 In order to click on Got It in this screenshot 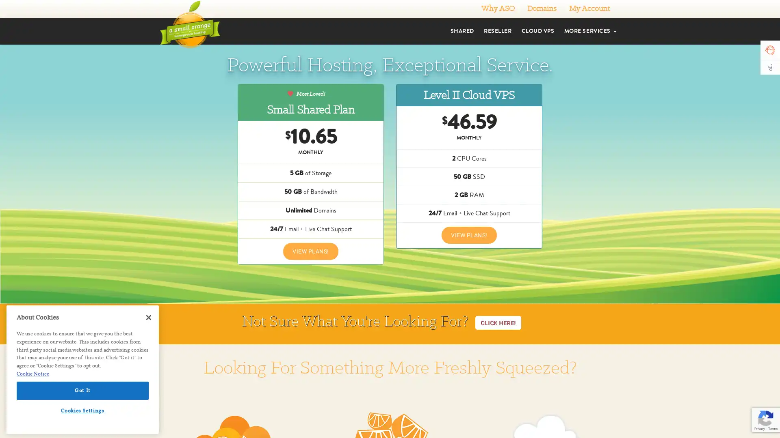, I will do `click(82, 390)`.